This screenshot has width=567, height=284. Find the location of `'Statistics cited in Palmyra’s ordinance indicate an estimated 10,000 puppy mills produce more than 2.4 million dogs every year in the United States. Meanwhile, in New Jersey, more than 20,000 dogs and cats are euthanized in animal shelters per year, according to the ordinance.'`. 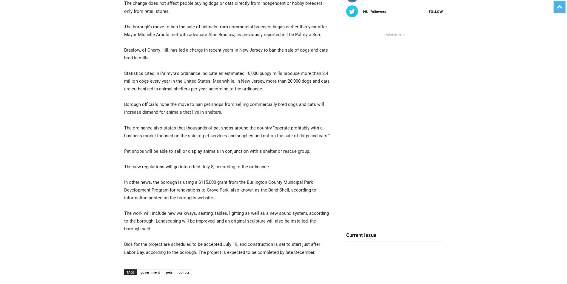

'Statistics cited in Palmyra’s ordinance indicate an estimated 10,000 puppy mills produce more than 2.4 million dogs every year in the United States. Meanwhile, in New Jersey, more than 20,000 dogs and cats are euthanized in animal shelters per year, according to the ordinance.' is located at coordinates (227, 81).